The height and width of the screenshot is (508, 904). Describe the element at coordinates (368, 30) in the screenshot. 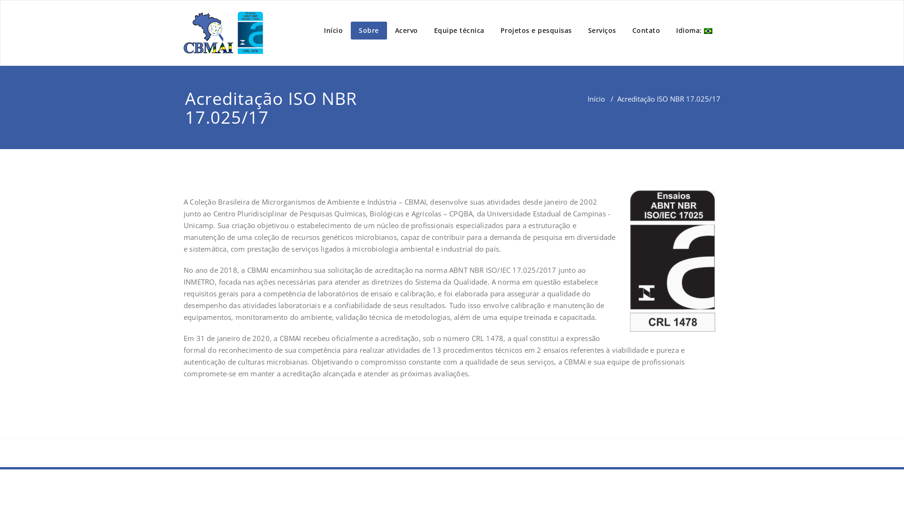

I see `'Sobre'` at that location.